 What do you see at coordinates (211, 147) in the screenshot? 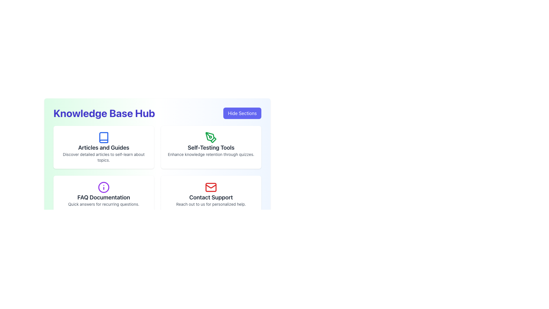
I see `the second clickable card element in the grid that provides resources for self-testing tools and quizzes` at bounding box center [211, 147].